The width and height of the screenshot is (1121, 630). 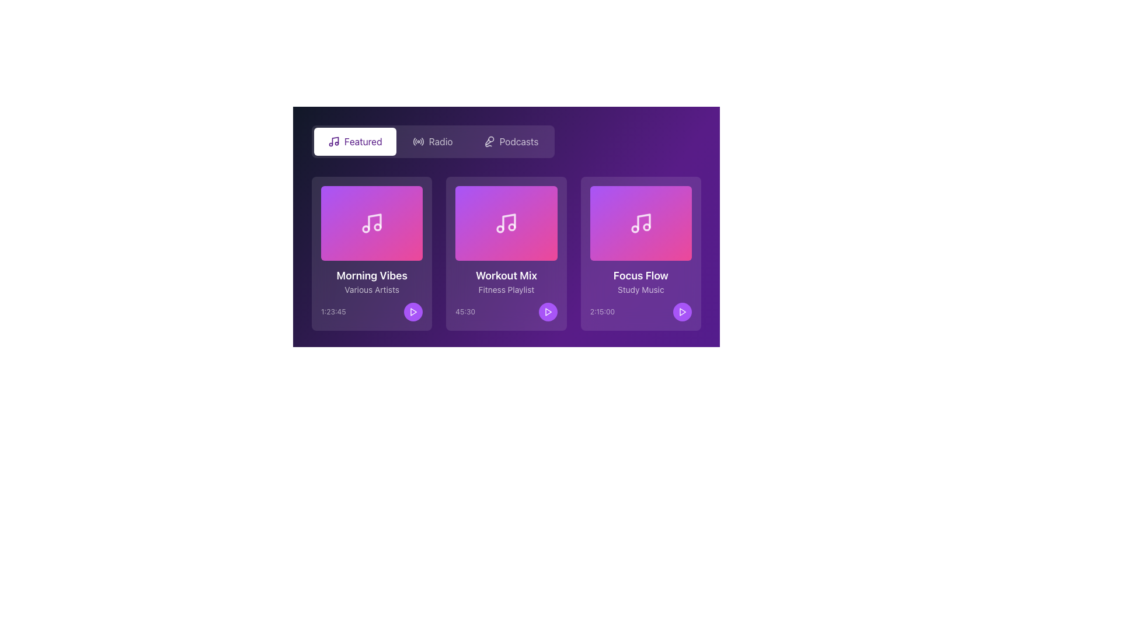 I want to click on the leftmost small circle of the decorative music note icon inside the 'Focus Flow' card, which is the third card from the left in the row below the main navigation bar, so click(x=634, y=229).